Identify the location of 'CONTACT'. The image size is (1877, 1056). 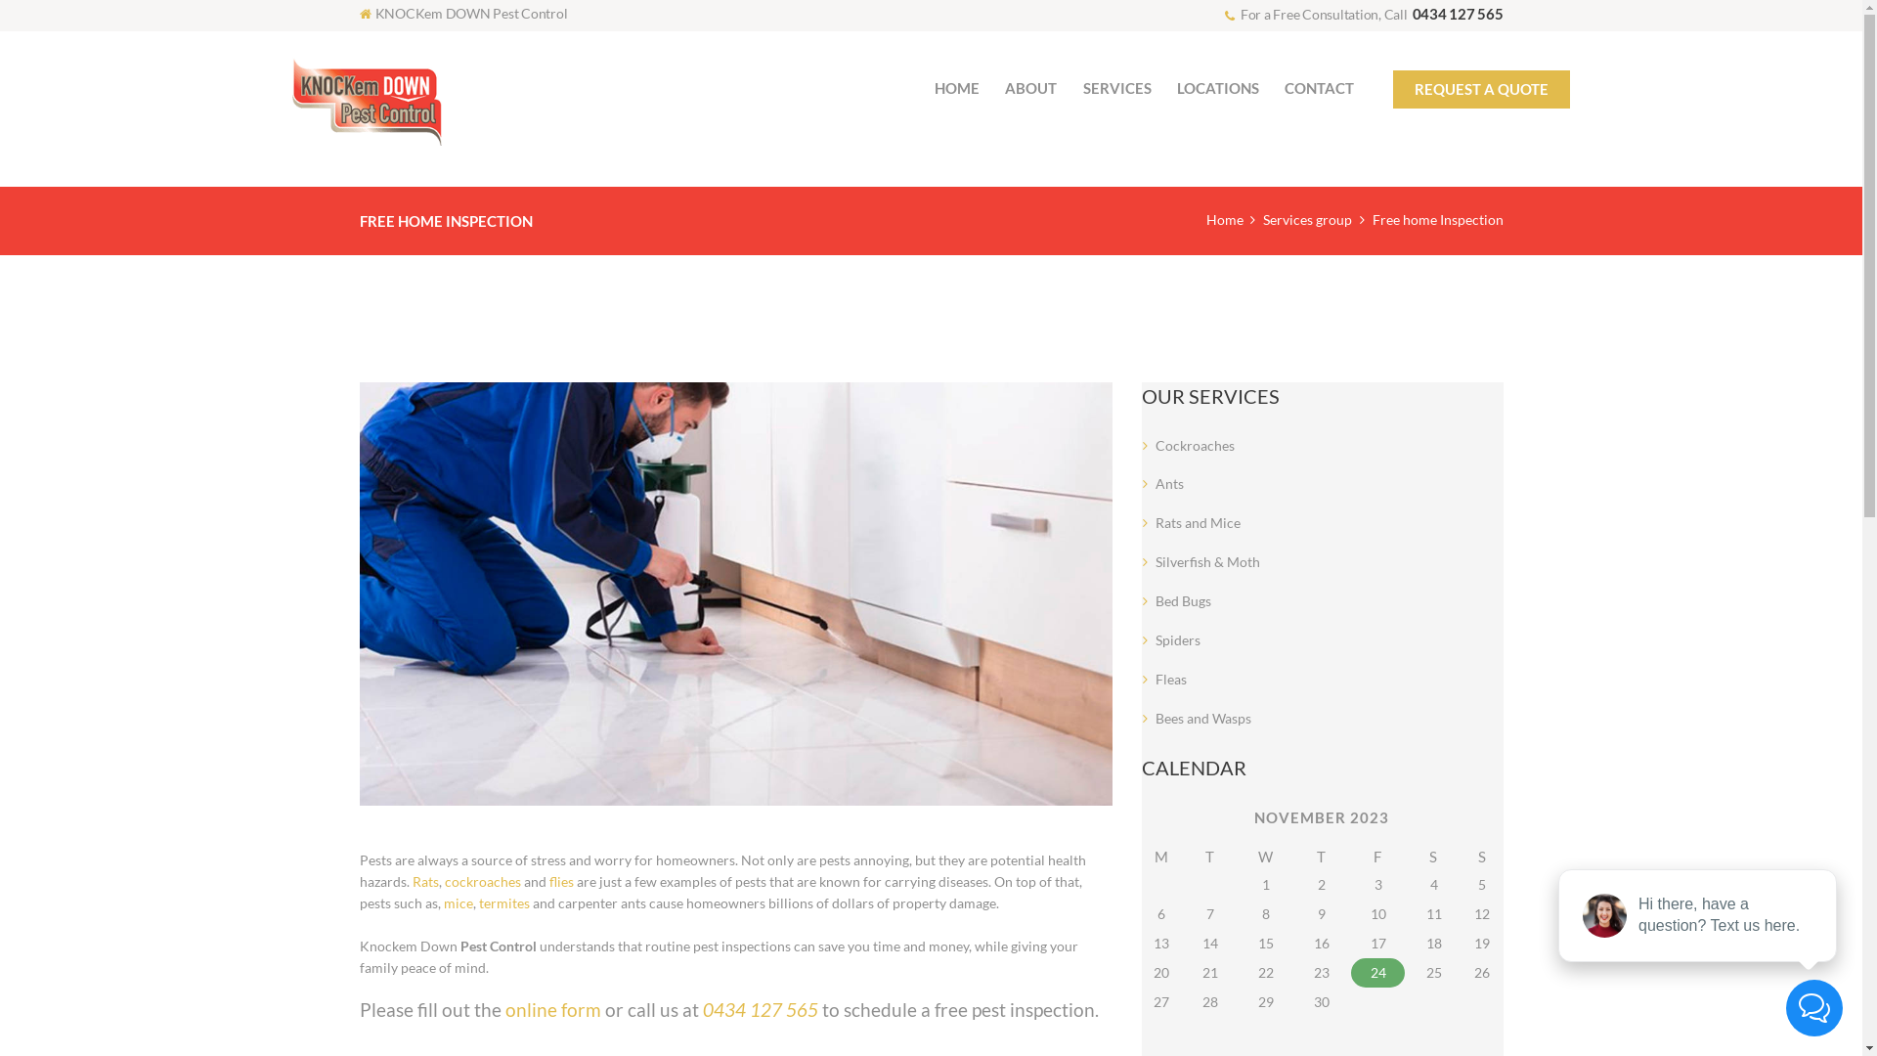
(1319, 88).